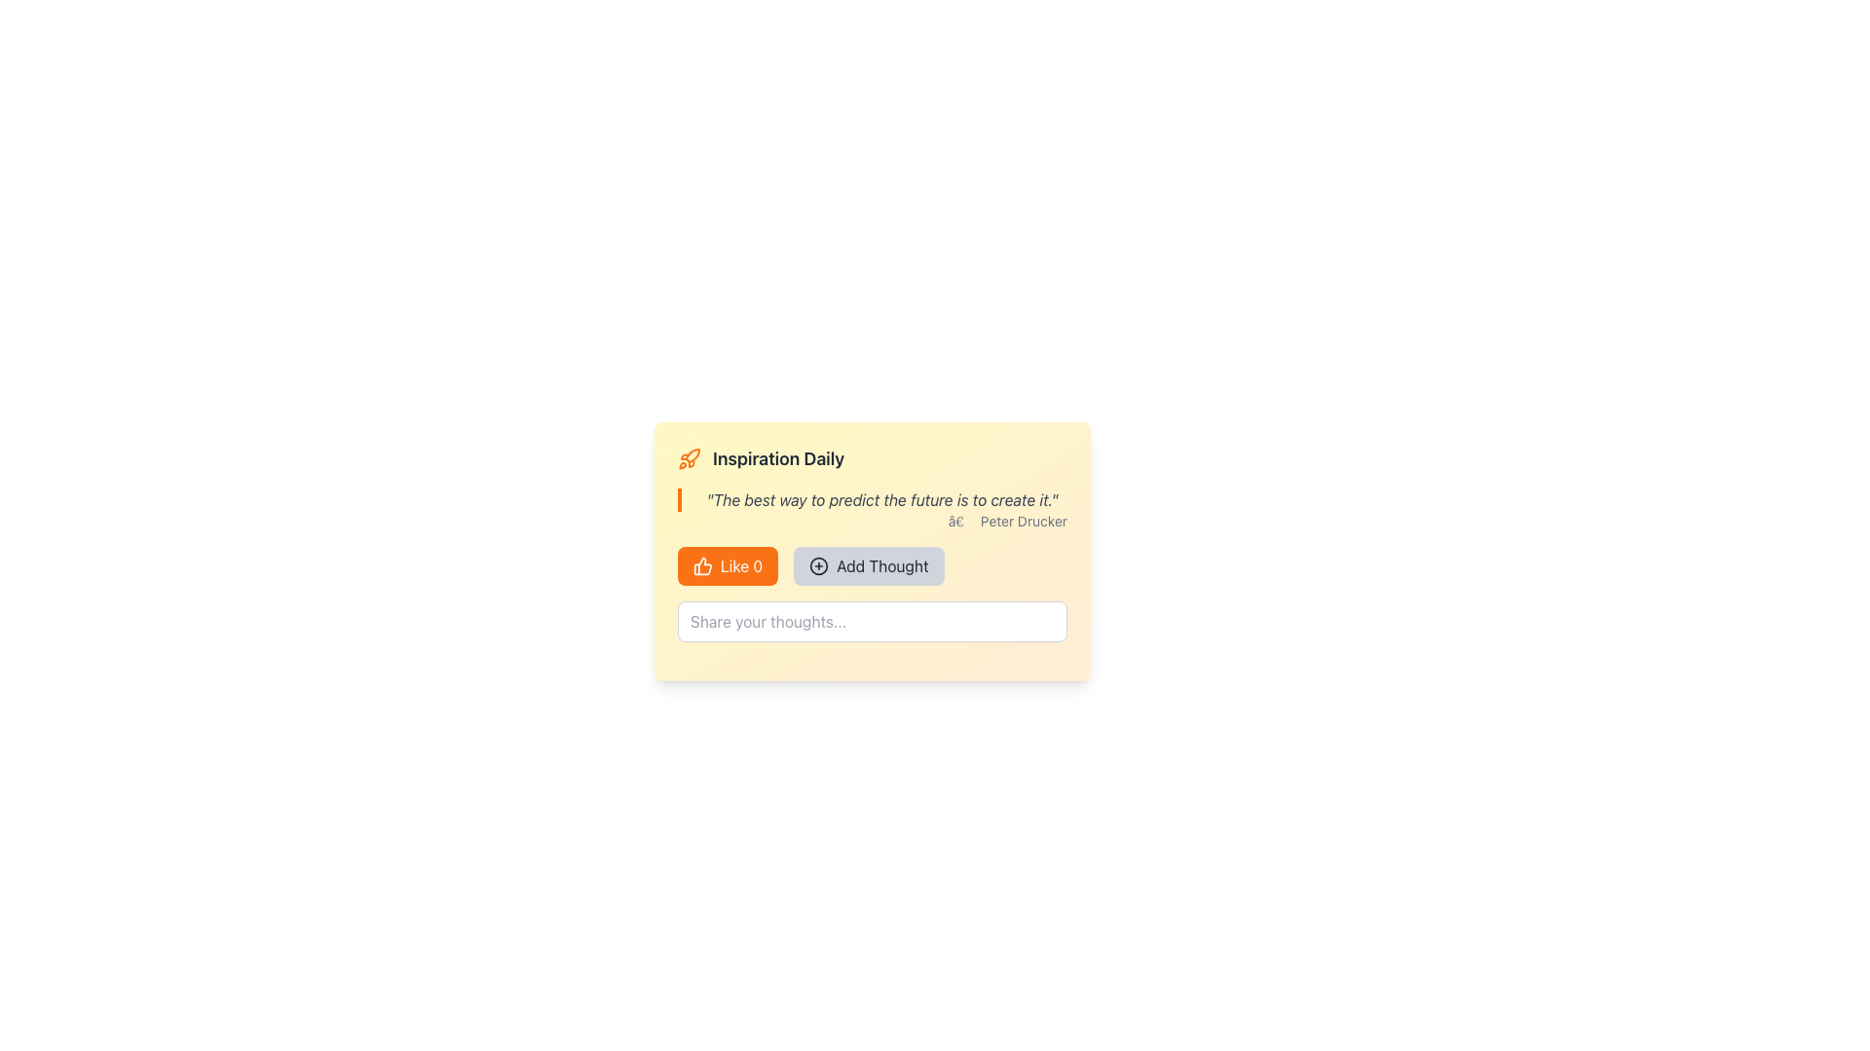 The image size is (1870, 1051). Describe the element at coordinates (868, 566) in the screenshot. I see `the button that allows users to add a new thought or note, located to the right of the 'Like 0' button in the horizontal layout below 'Inspiration Daily'` at that location.